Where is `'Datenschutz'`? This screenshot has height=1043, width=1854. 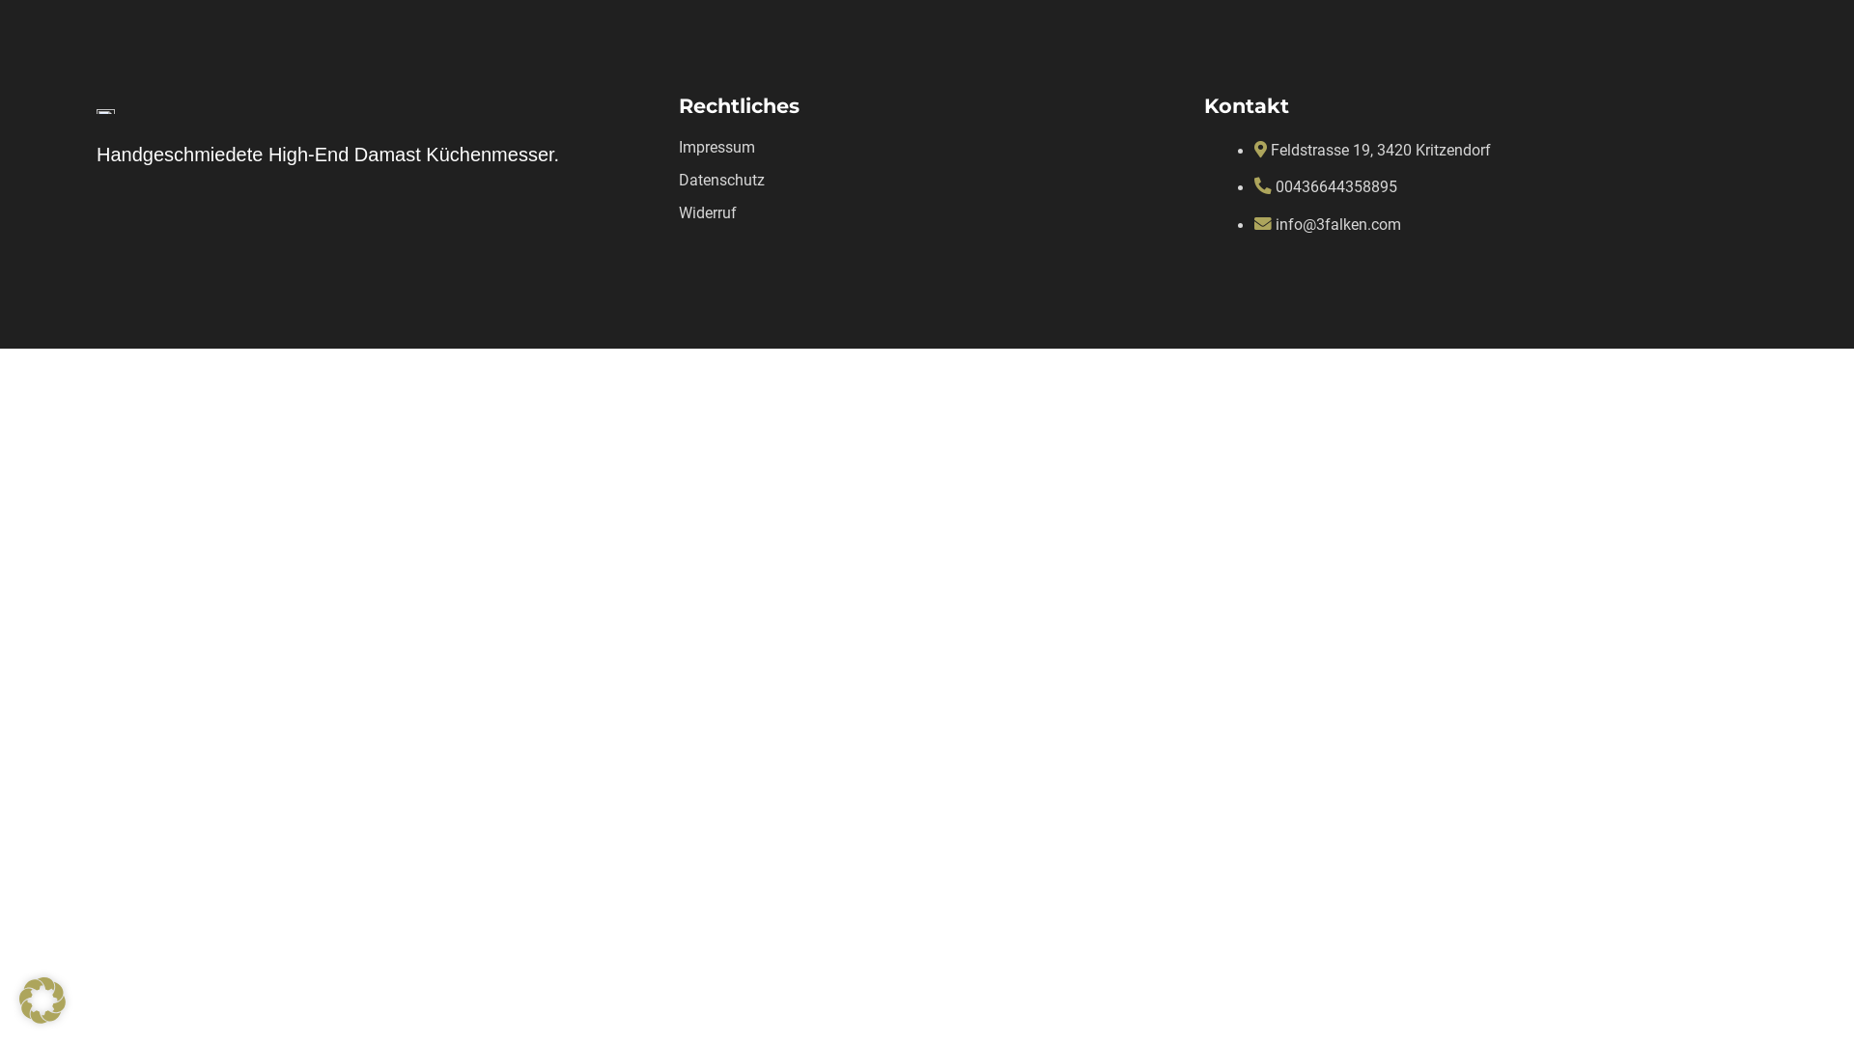
'Datenschutz' is located at coordinates (720, 180).